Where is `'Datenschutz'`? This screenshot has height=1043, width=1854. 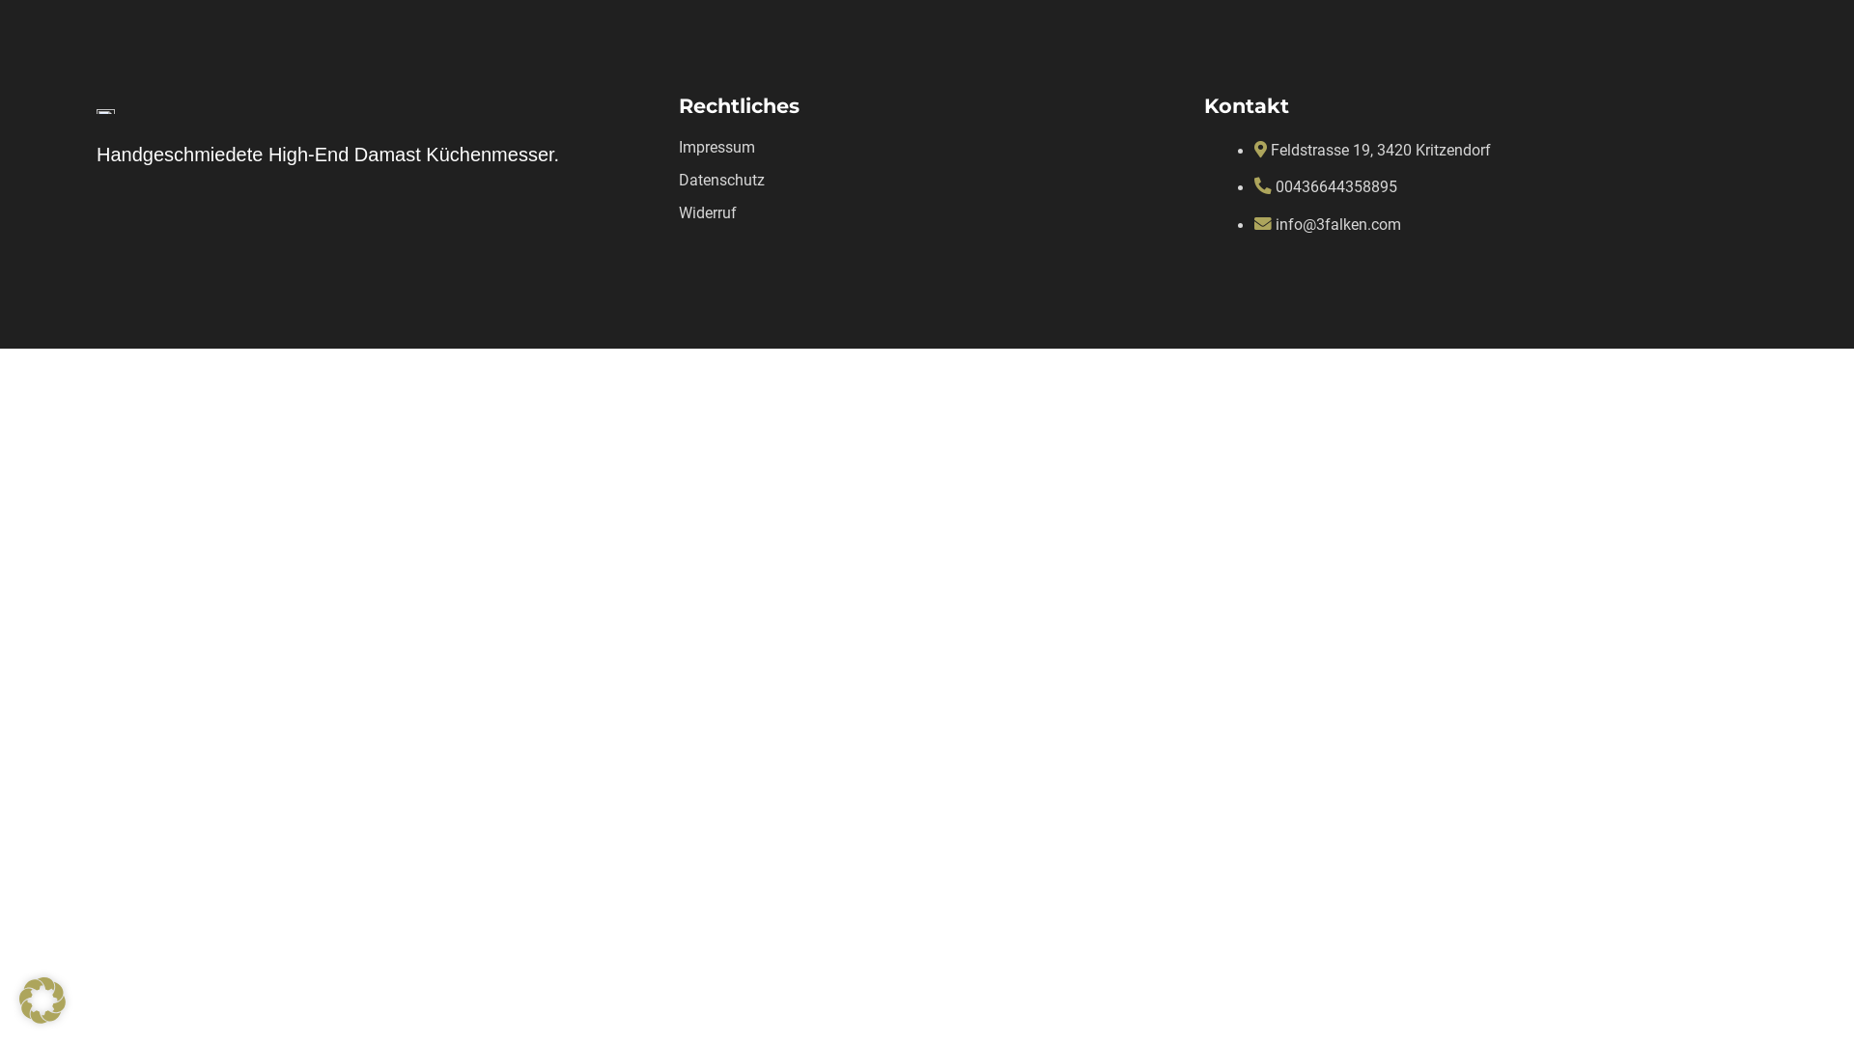
'Datenschutz' is located at coordinates (720, 180).